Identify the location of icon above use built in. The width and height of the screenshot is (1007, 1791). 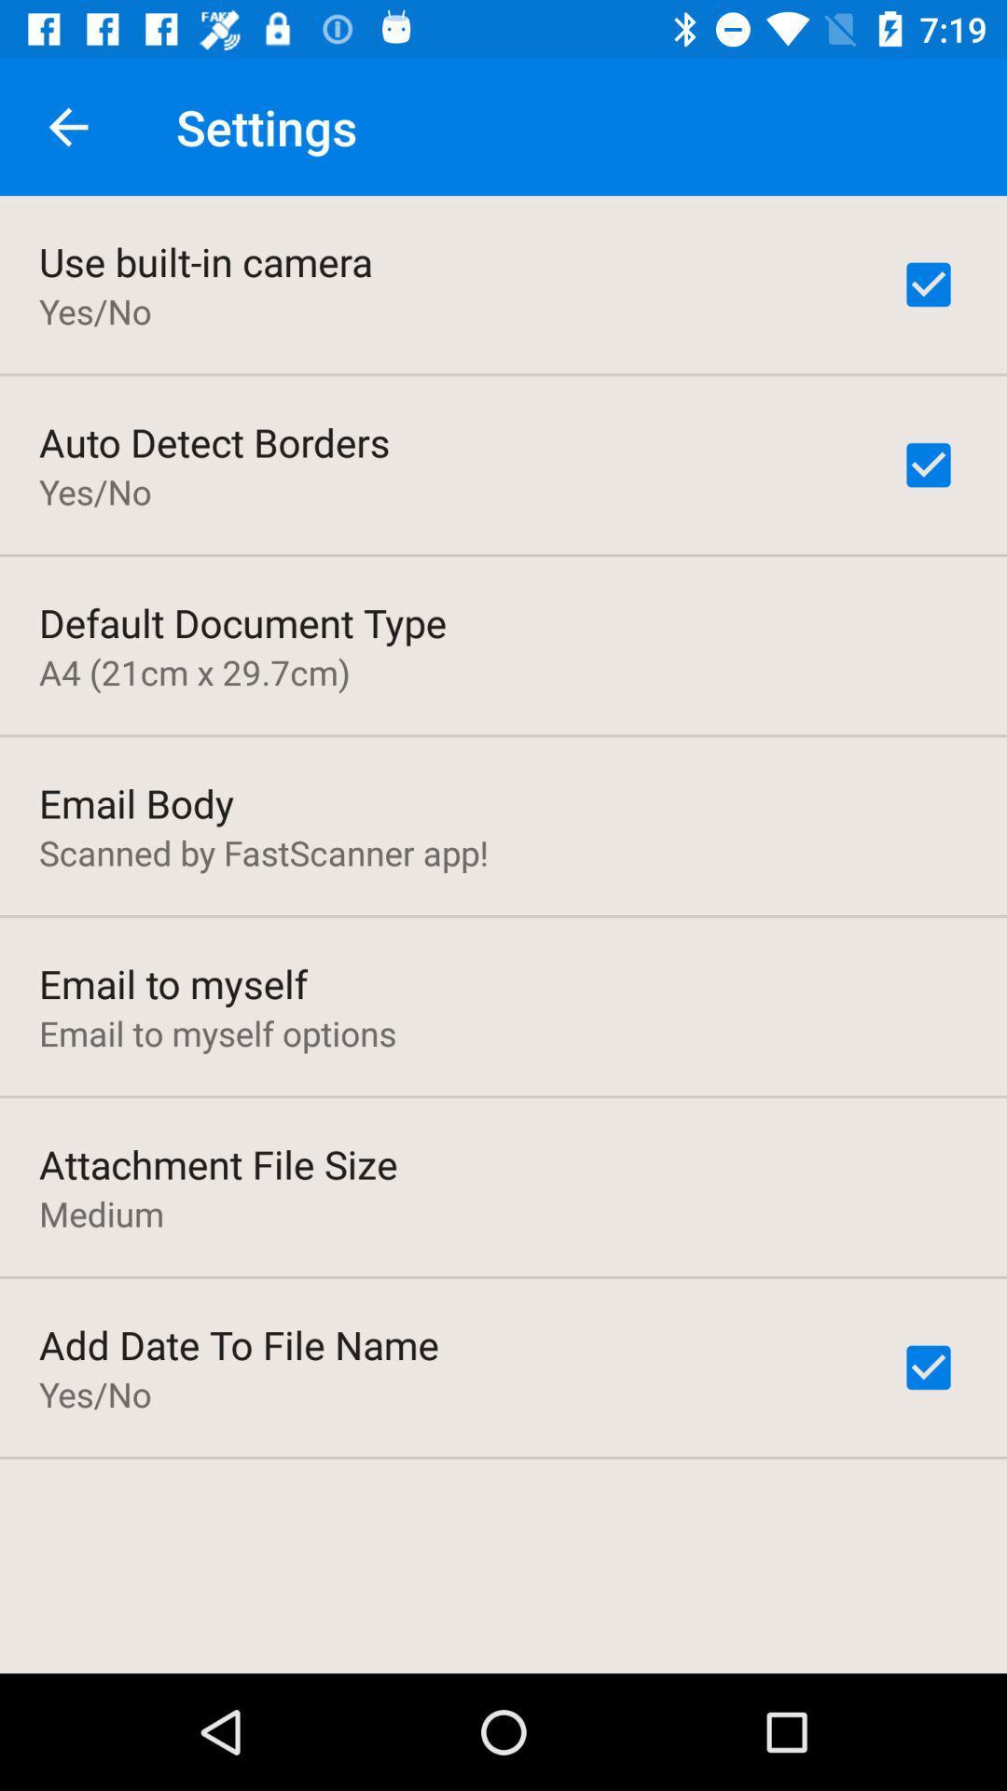
(67, 126).